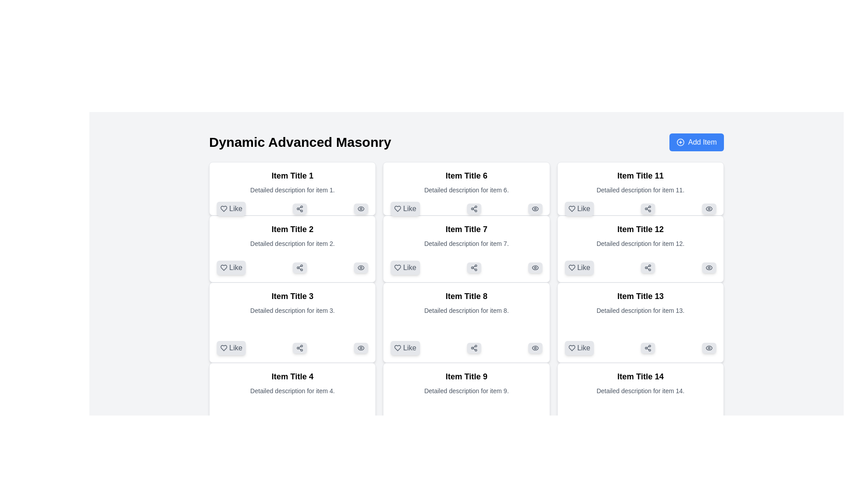 The image size is (858, 482). Describe the element at coordinates (571, 347) in the screenshot. I see `the heart icon located within the 'Like' button beneath 'Item Title 13'` at that location.